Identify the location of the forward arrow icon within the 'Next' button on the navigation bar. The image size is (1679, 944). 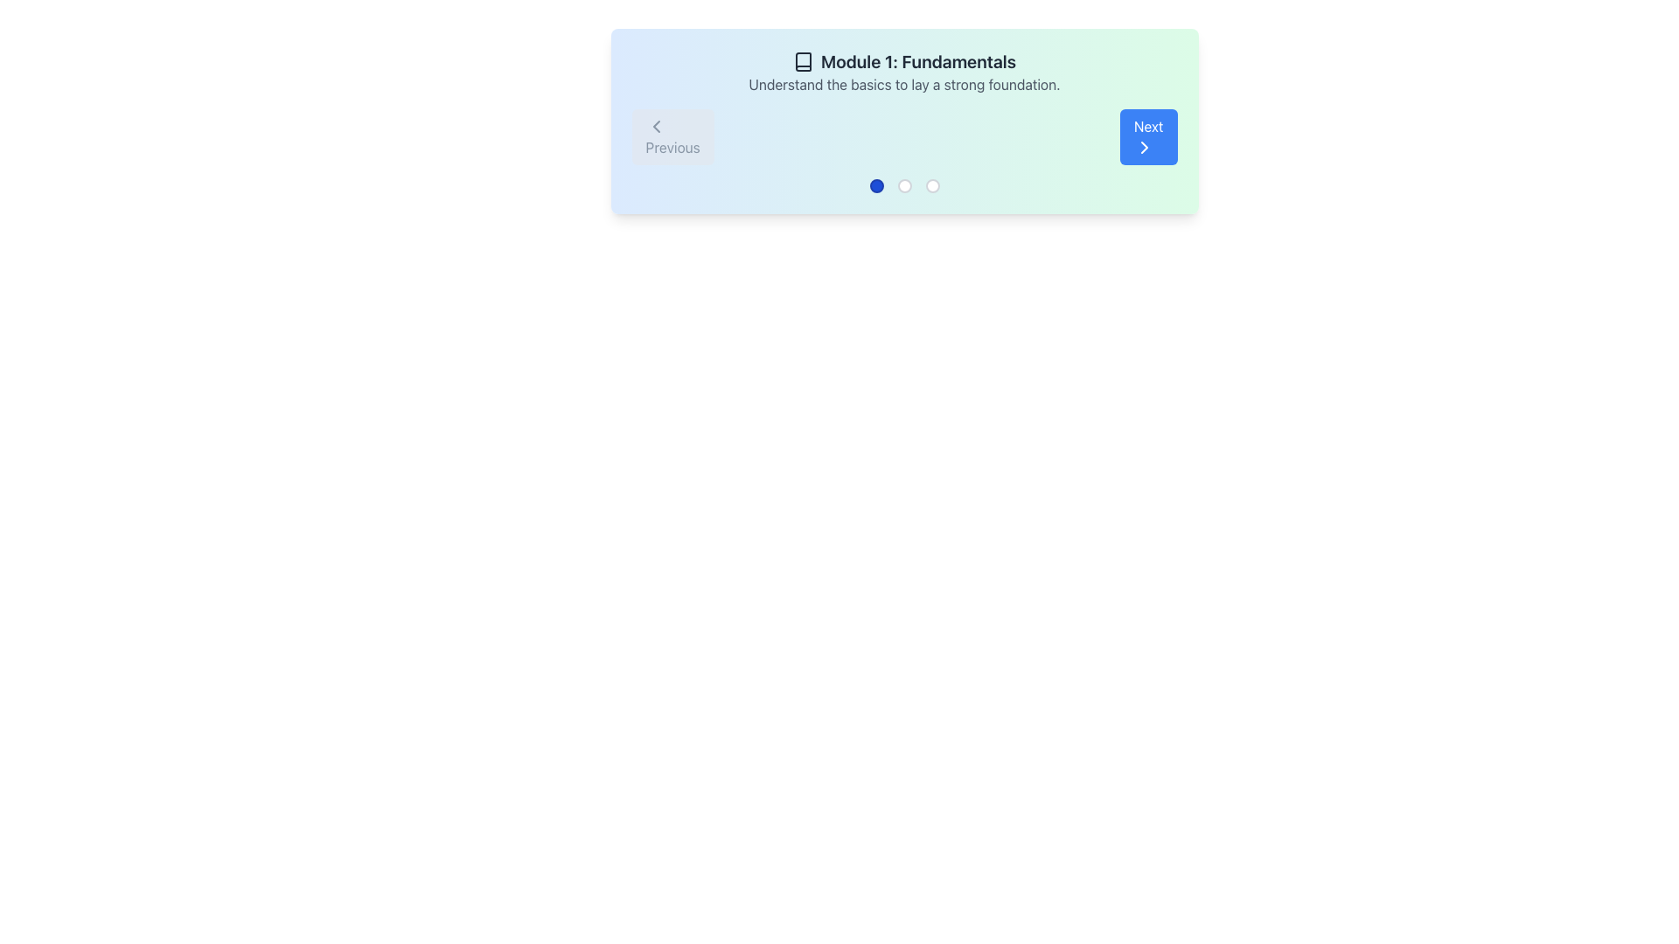
(1144, 147).